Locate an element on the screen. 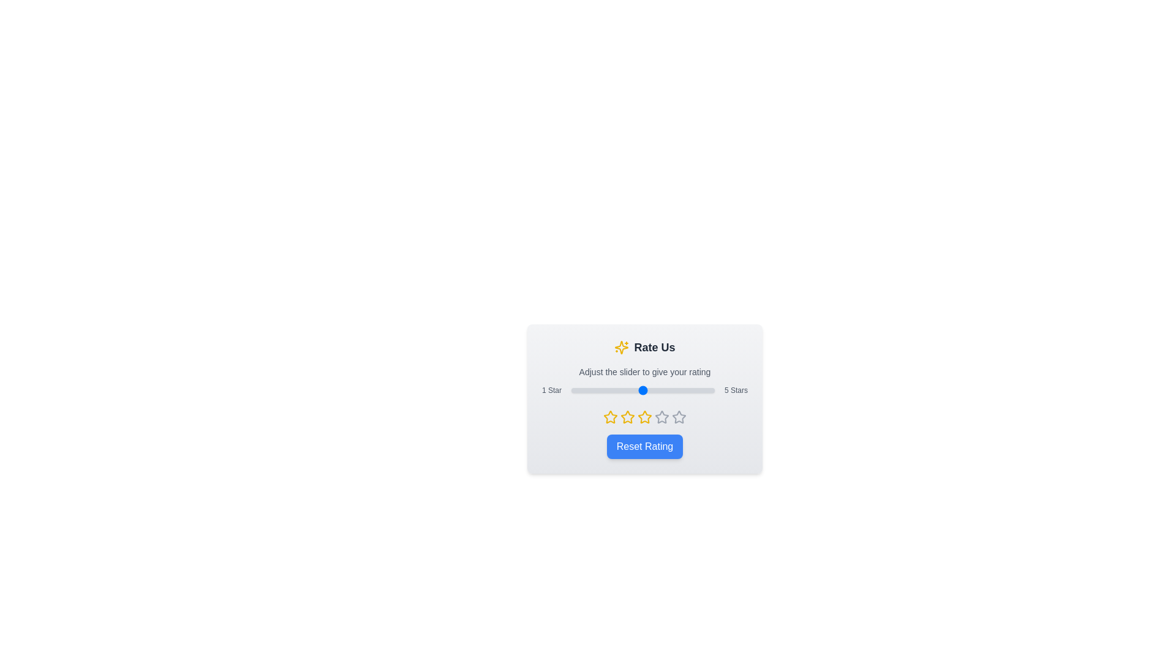 The image size is (1176, 661). the 'Reset Rating' button to set the rating to 1 is located at coordinates (644, 446).